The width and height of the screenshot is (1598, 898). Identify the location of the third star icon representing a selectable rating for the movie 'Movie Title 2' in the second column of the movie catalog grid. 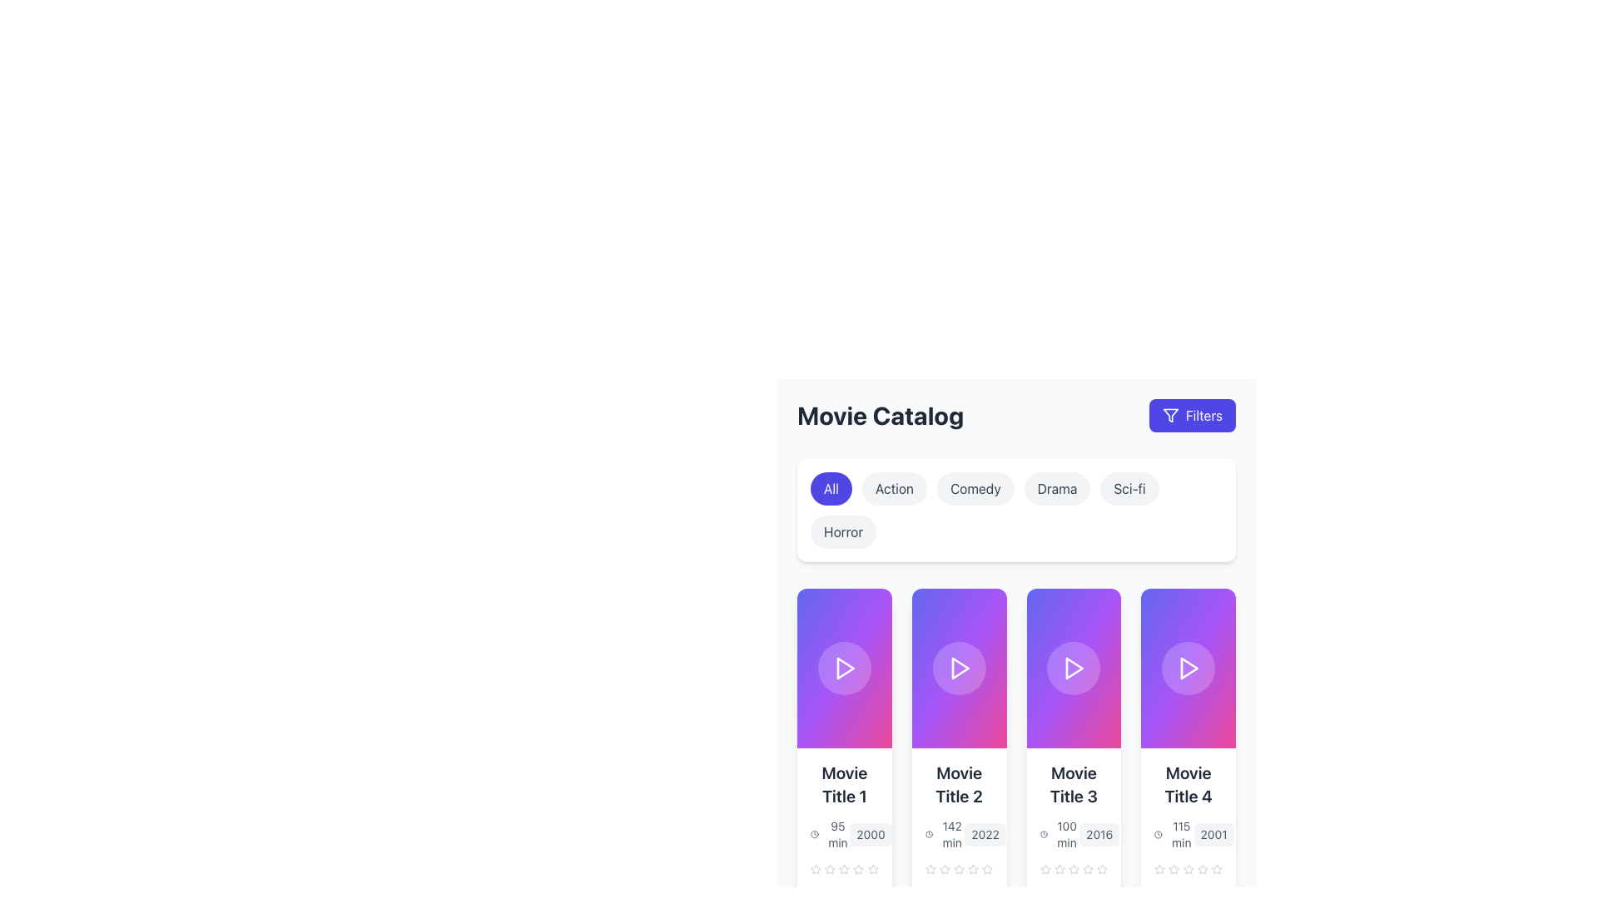
(959, 868).